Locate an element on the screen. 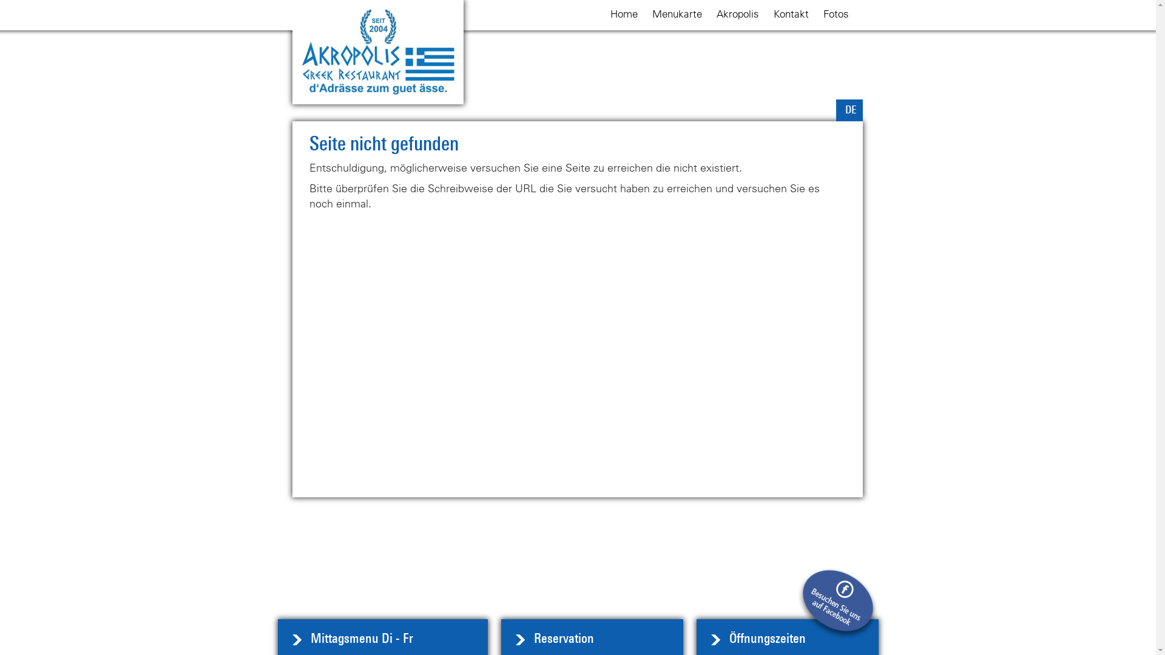 The height and width of the screenshot is (655, 1165). 'Menukarte' is located at coordinates (677, 14).